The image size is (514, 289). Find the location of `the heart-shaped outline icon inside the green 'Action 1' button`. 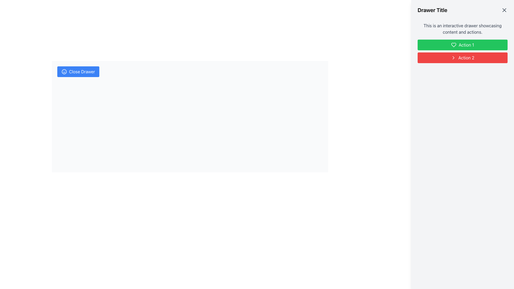

the heart-shaped outline icon inside the green 'Action 1' button is located at coordinates (453, 45).